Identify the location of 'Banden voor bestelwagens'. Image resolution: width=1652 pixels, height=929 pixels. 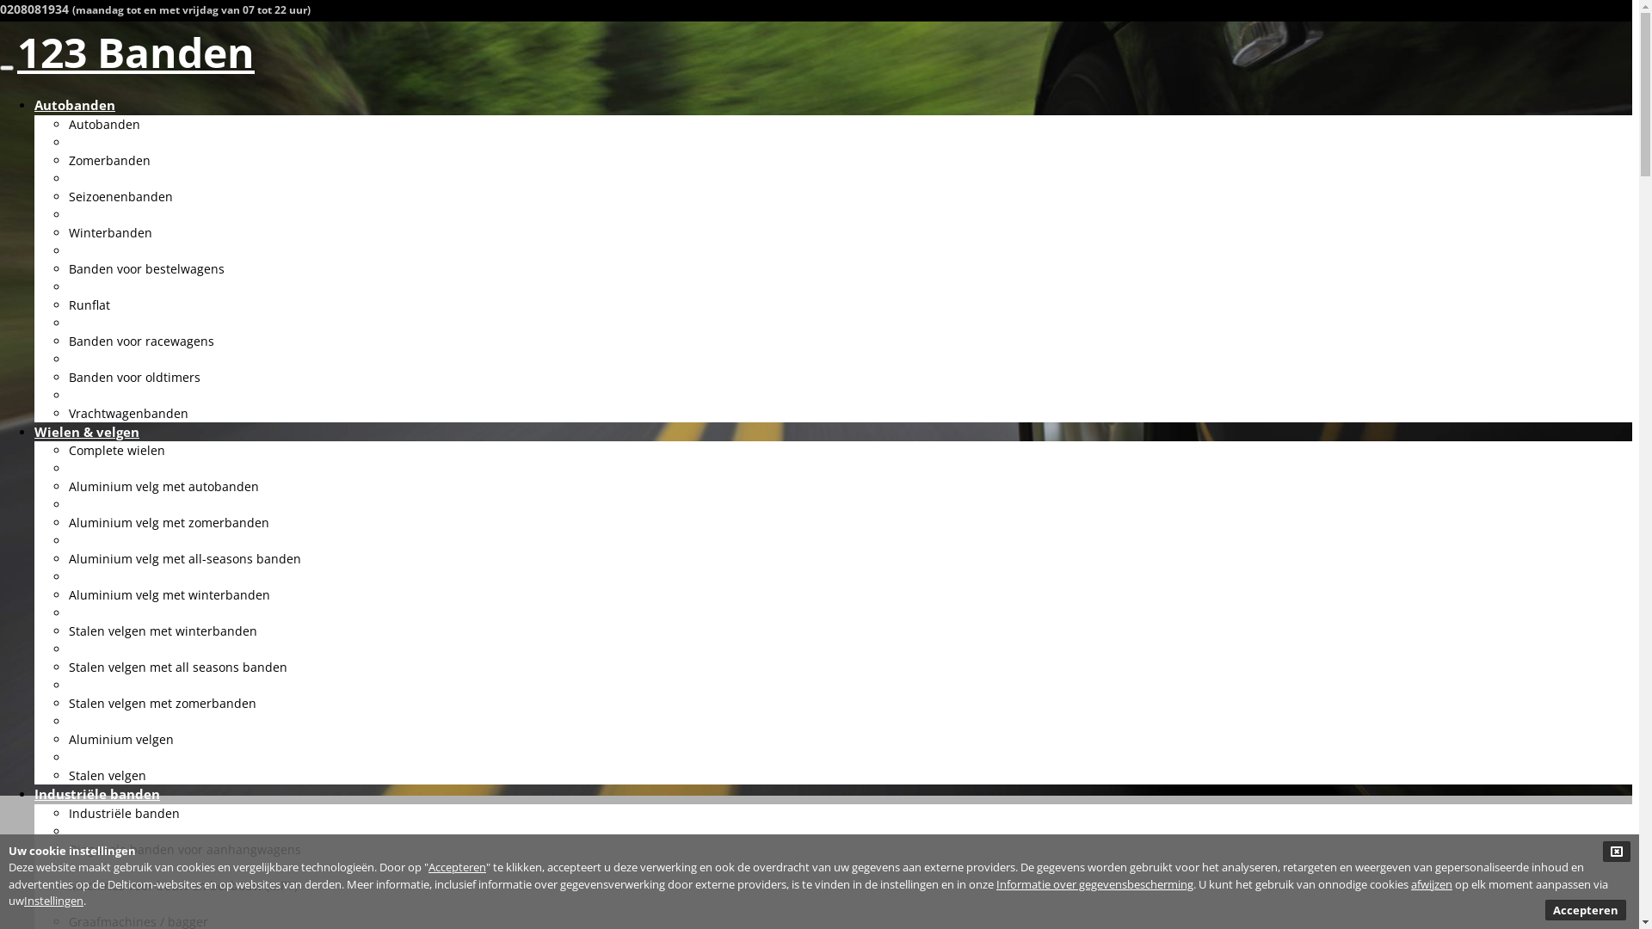
(146, 268).